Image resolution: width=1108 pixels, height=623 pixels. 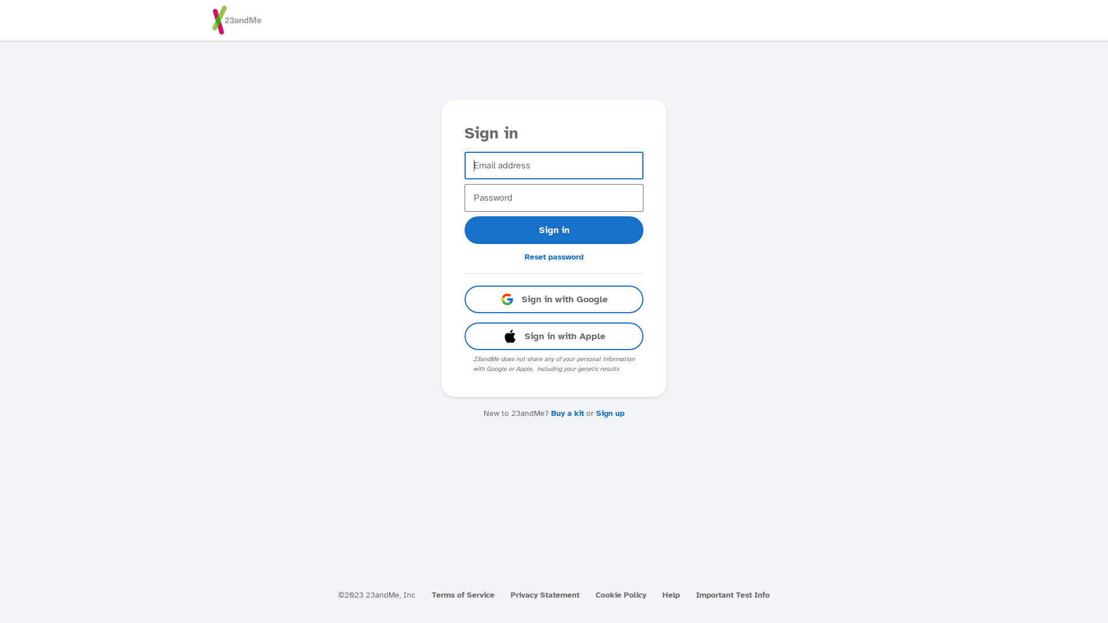 I want to click on 'Sign in with Apple', so click(x=554, y=336).